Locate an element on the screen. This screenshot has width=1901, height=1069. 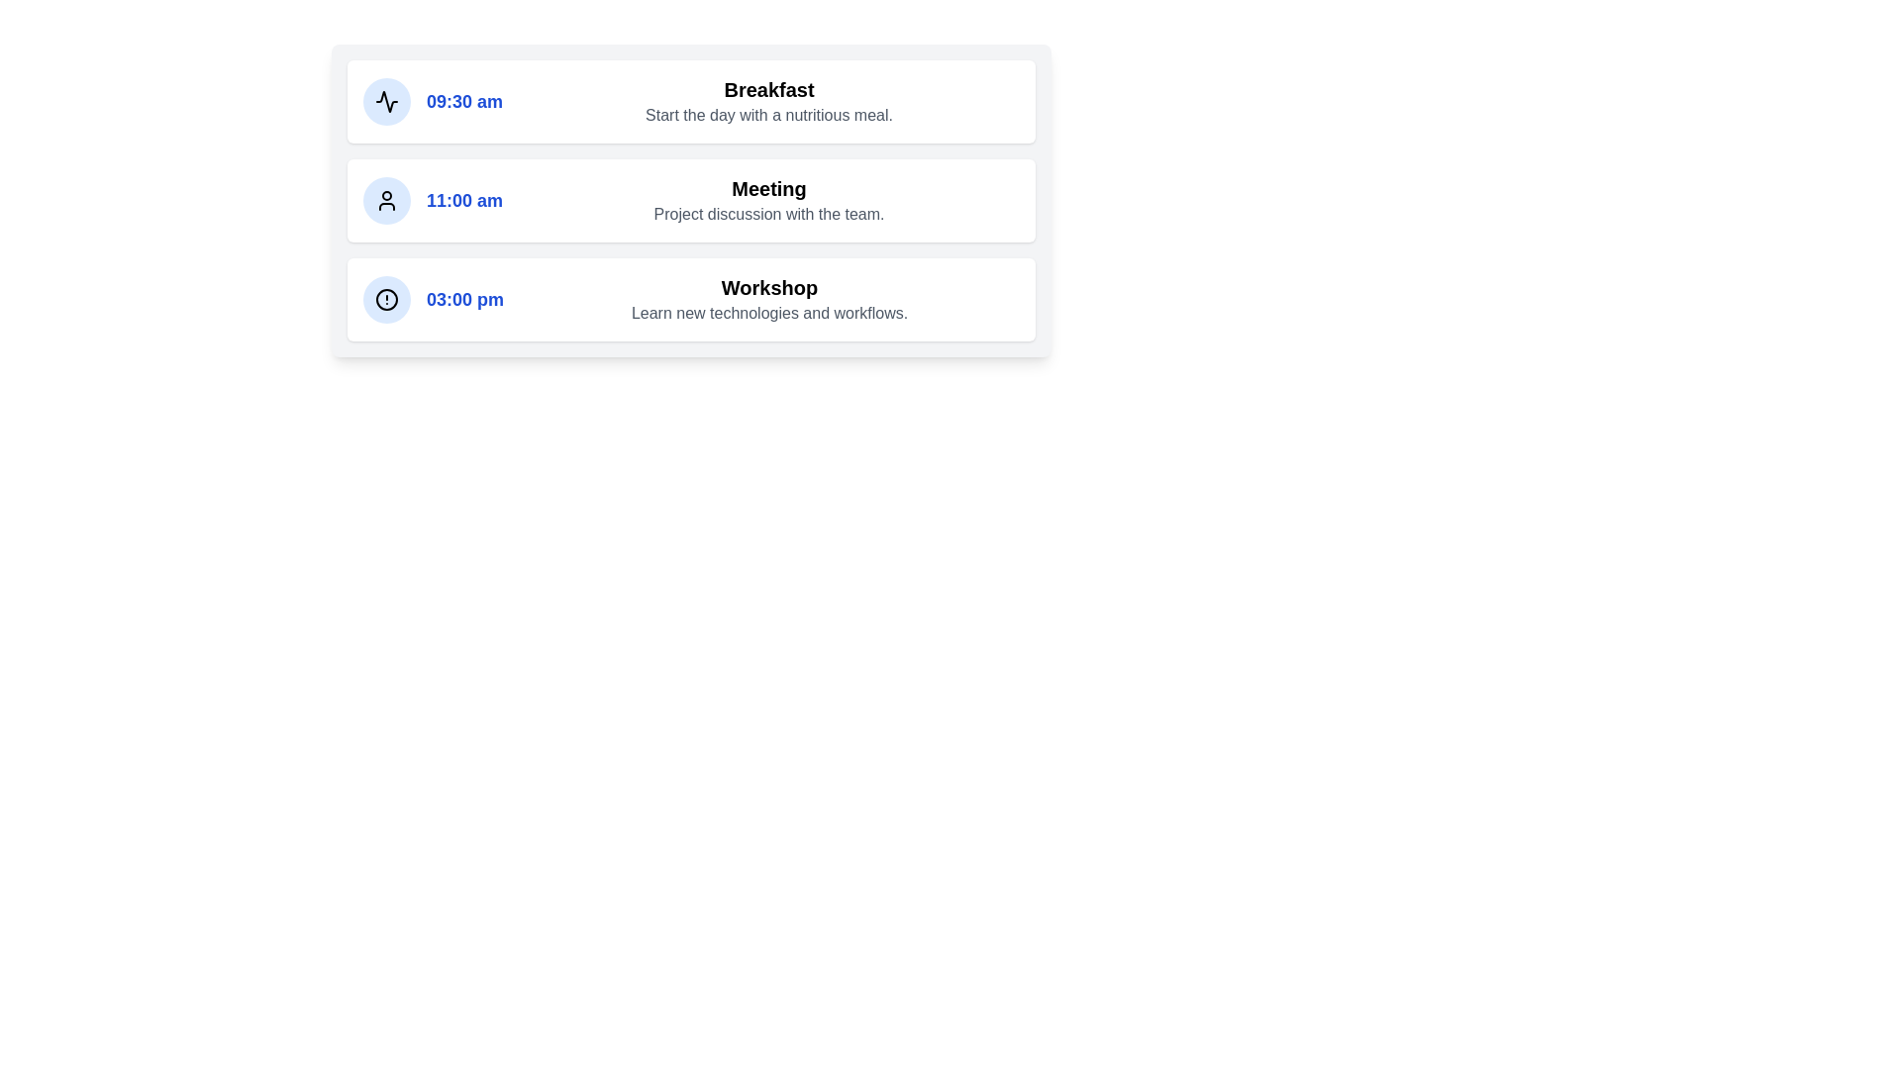
the text block containing the bold heading 'Workshop' and the description 'Learn new technologies and workflows.' This block is located in the third card of a vertical stack, below the time display '03:00 pm' and next to a blue icon is located at coordinates (768, 300).